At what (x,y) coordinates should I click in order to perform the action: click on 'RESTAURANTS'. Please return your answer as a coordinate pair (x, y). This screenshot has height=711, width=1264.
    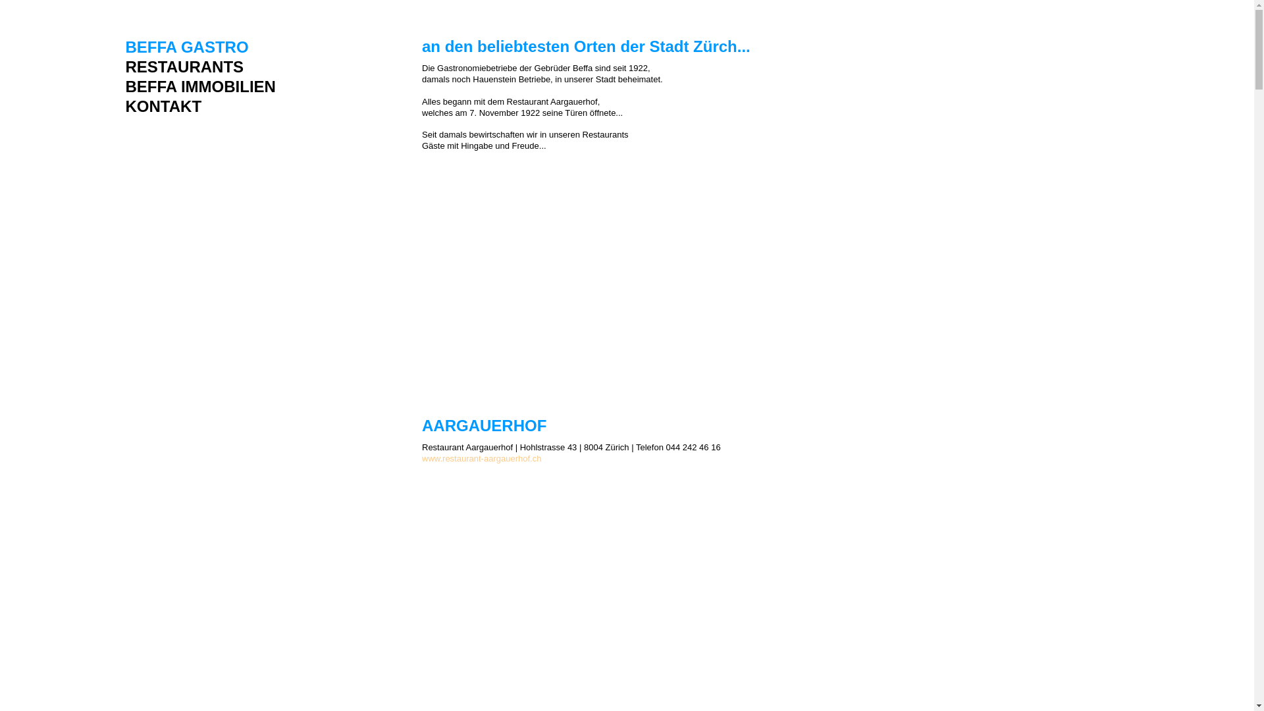
    Looking at the image, I should click on (199, 67).